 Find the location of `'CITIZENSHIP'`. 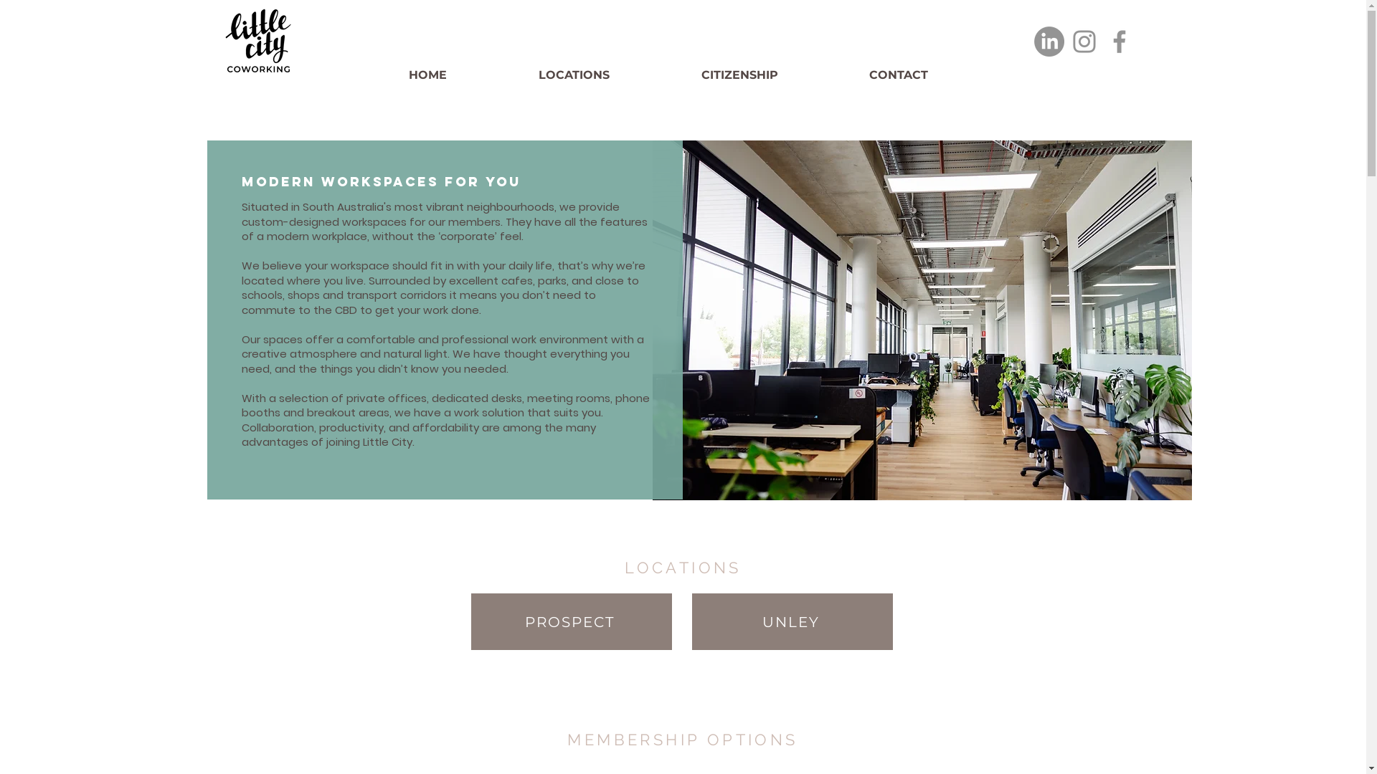

'CITIZENSHIP' is located at coordinates (777, 75).